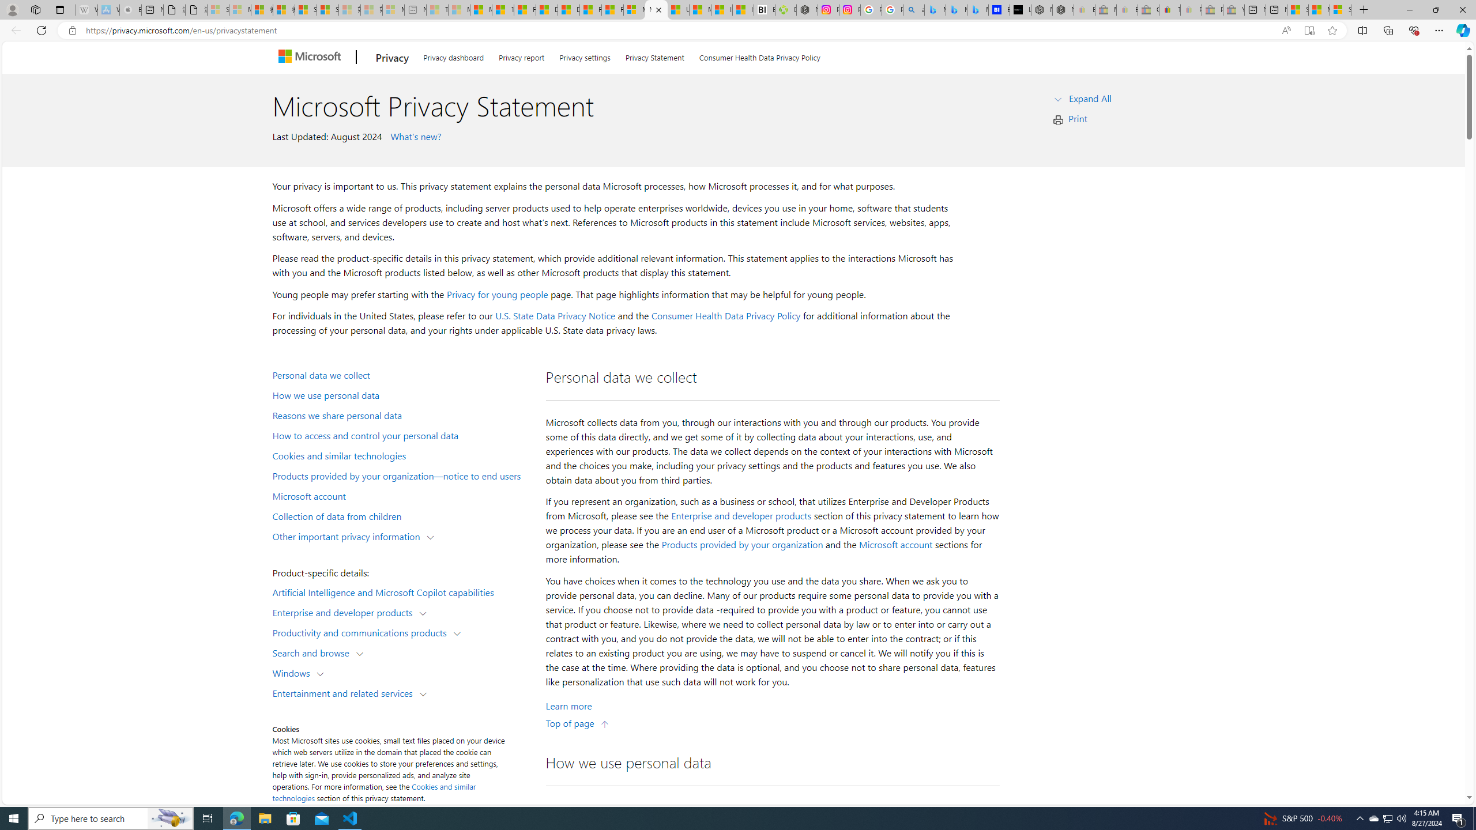 Image resolution: width=1476 pixels, height=830 pixels. Describe the element at coordinates (1213, 9) in the screenshot. I see `'Press Room - eBay Inc. - Sleeping'` at that location.